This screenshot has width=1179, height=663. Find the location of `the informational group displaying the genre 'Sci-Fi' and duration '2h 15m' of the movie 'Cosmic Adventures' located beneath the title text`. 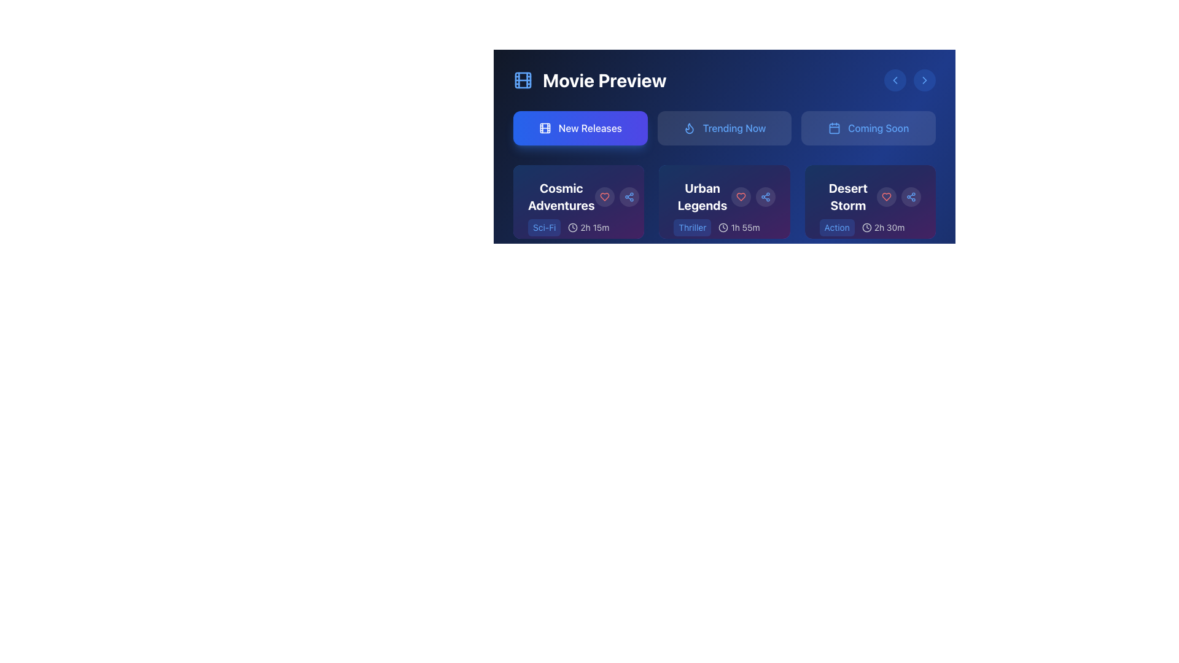

the informational group displaying the genre 'Sci-Fi' and duration '2h 15m' of the movie 'Cosmic Adventures' located beneath the title text is located at coordinates (578, 237).